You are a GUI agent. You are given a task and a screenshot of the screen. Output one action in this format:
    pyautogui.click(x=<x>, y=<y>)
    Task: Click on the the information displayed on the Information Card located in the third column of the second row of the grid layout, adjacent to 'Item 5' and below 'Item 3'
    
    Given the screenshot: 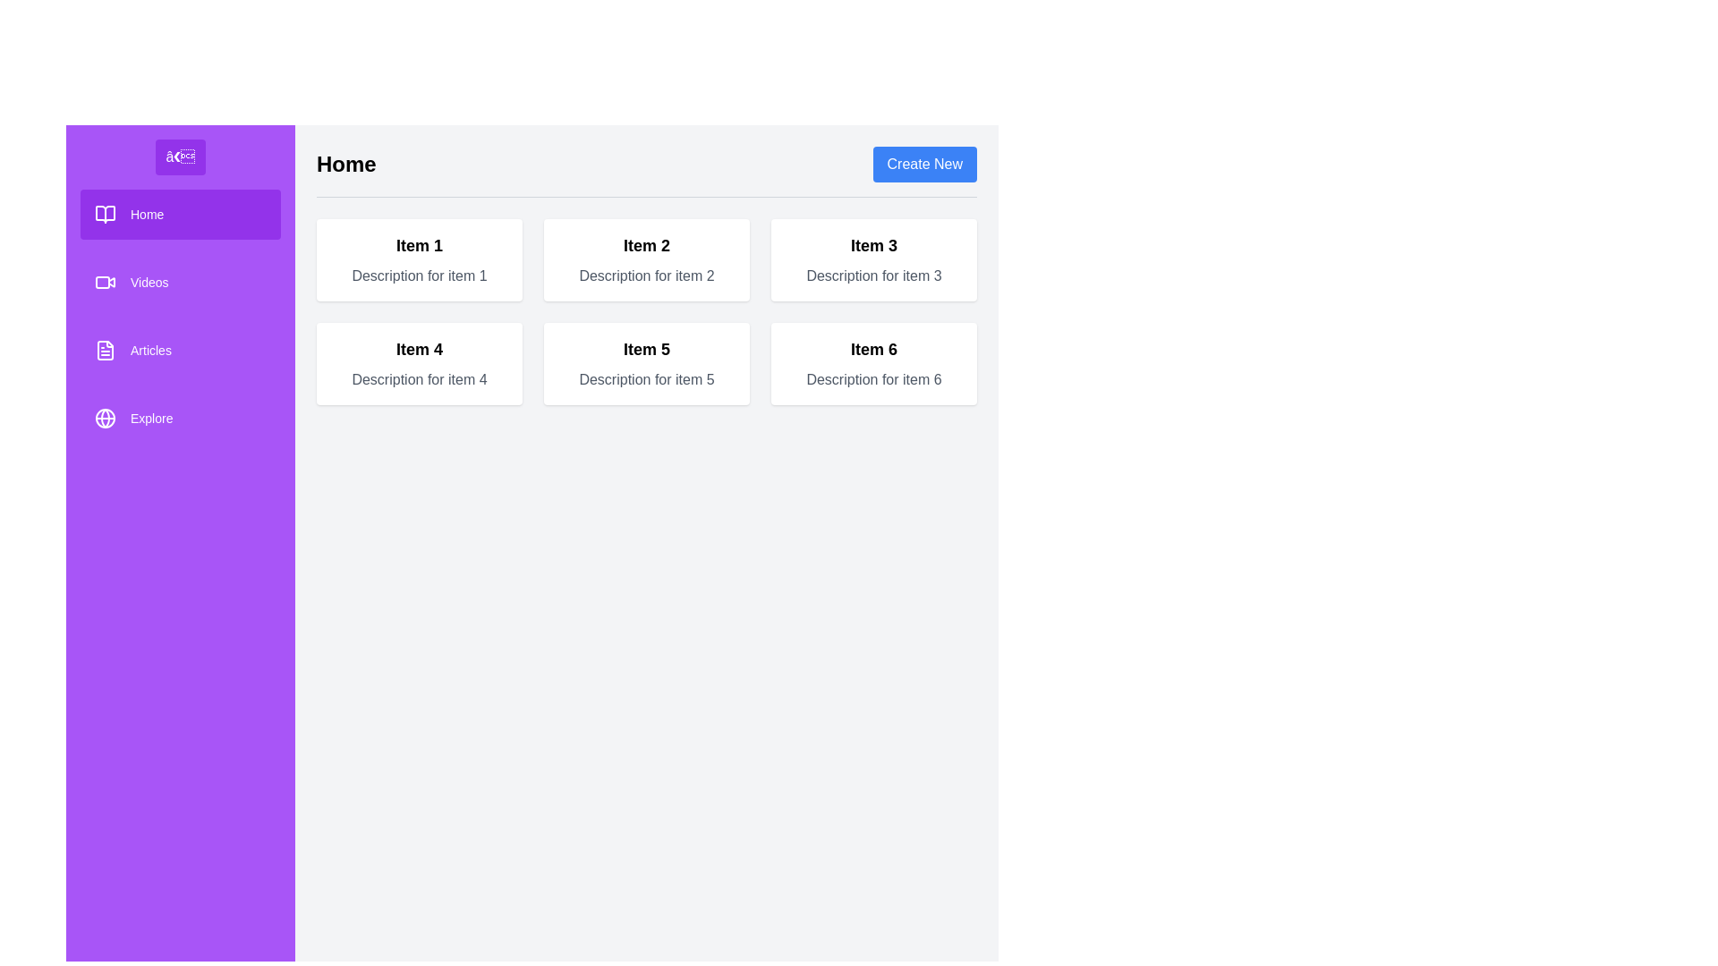 What is the action you would take?
    pyautogui.click(x=874, y=363)
    